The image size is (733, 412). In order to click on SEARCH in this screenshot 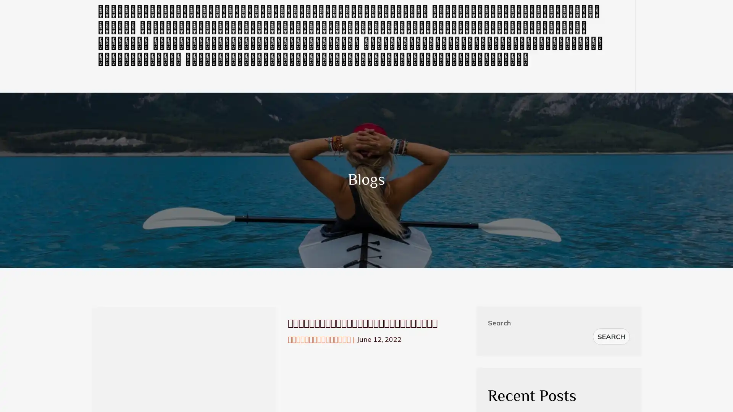, I will do `click(611, 336)`.